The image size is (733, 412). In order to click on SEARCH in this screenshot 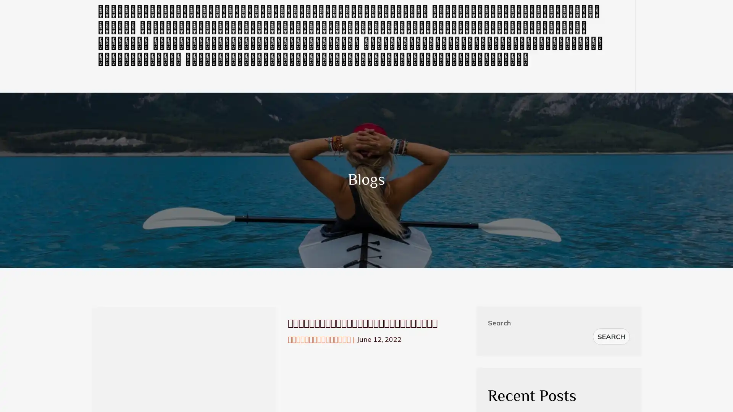, I will do `click(611, 336)`.